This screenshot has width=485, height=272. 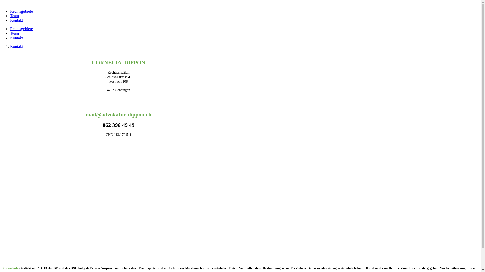 What do you see at coordinates (17, 20) in the screenshot?
I see `'Kontakt'` at bounding box center [17, 20].